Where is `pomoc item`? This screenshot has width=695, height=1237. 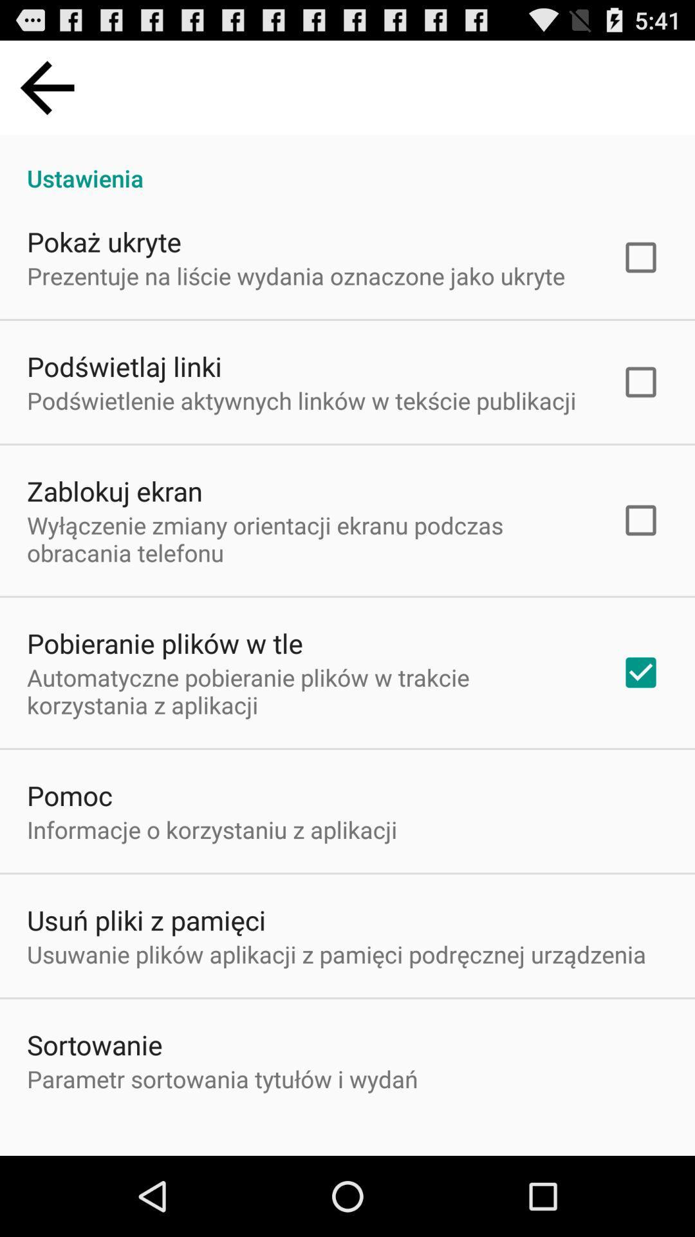 pomoc item is located at coordinates (69, 794).